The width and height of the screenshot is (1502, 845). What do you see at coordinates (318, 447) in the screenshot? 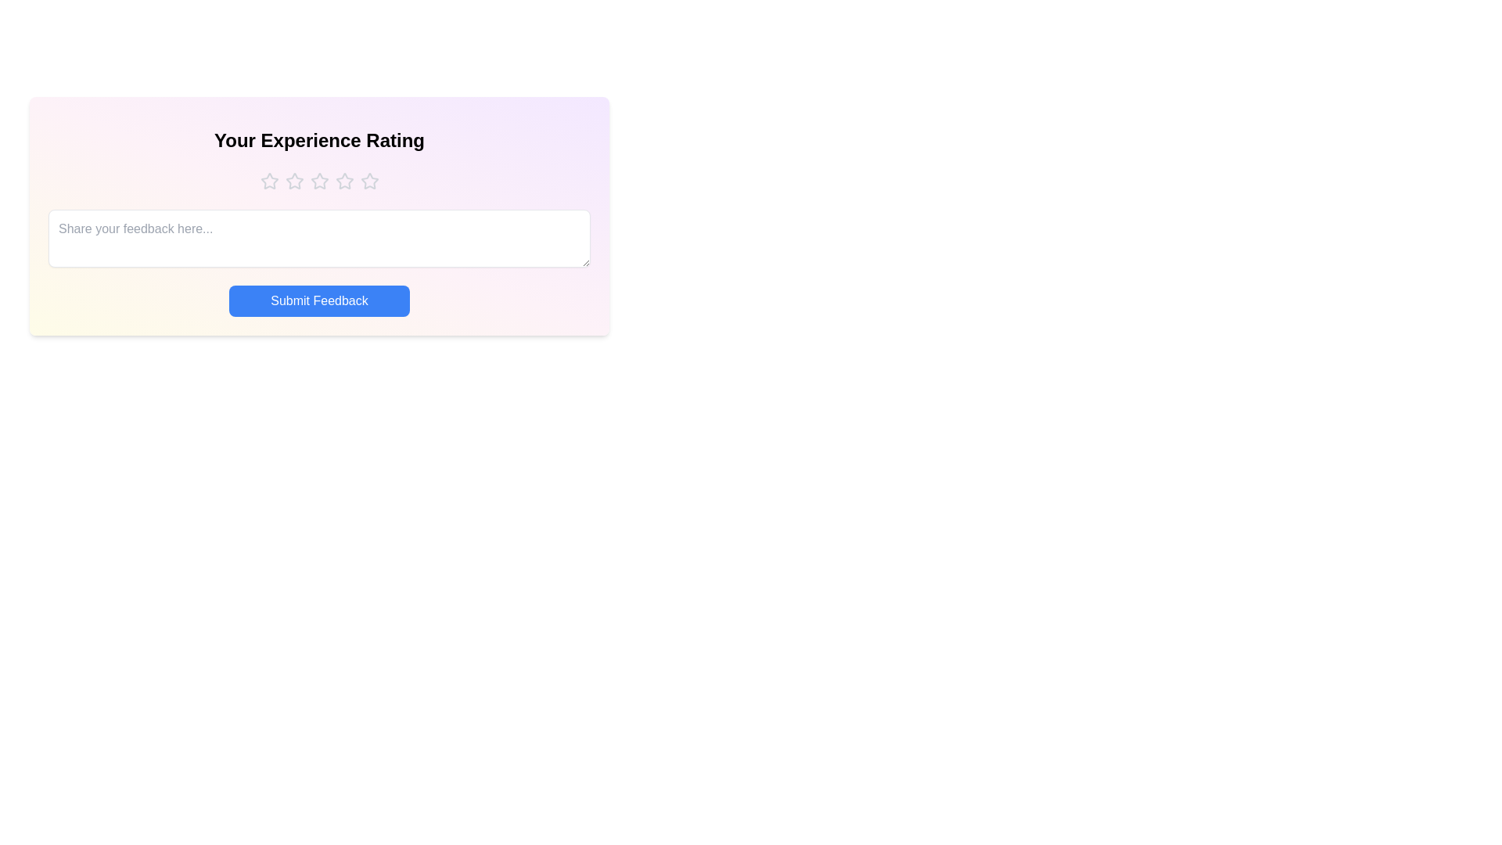
I see `the background area of the component to trigger an aesthetic effect` at bounding box center [318, 447].